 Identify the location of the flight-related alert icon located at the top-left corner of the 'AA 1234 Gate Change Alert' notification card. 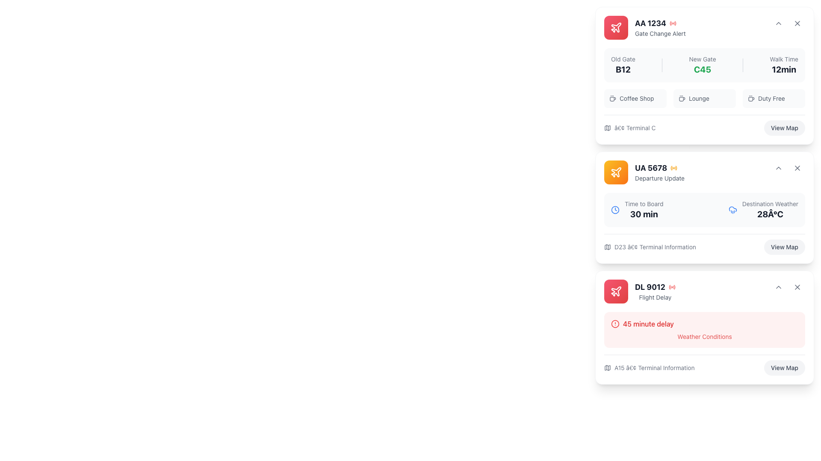
(616, 27).